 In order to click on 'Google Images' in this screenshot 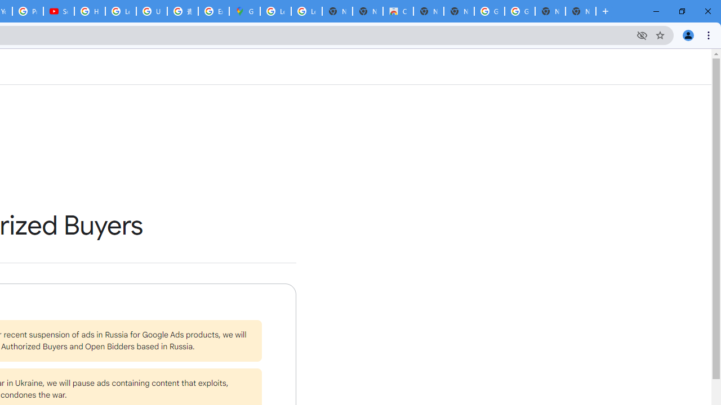, I will do `click(489, 11)`.